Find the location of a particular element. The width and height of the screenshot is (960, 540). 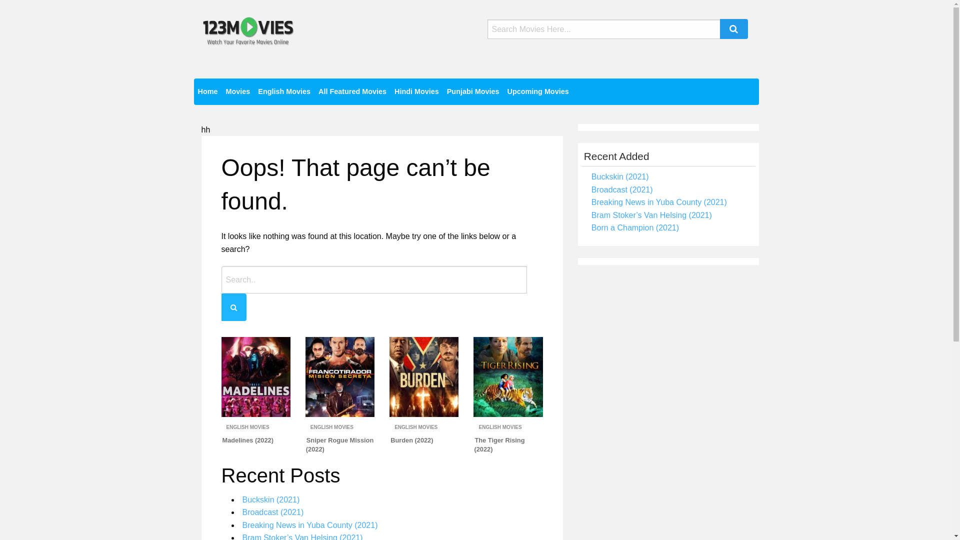

'ENGLISH MOVIES' is located at coordinates (331, 427).